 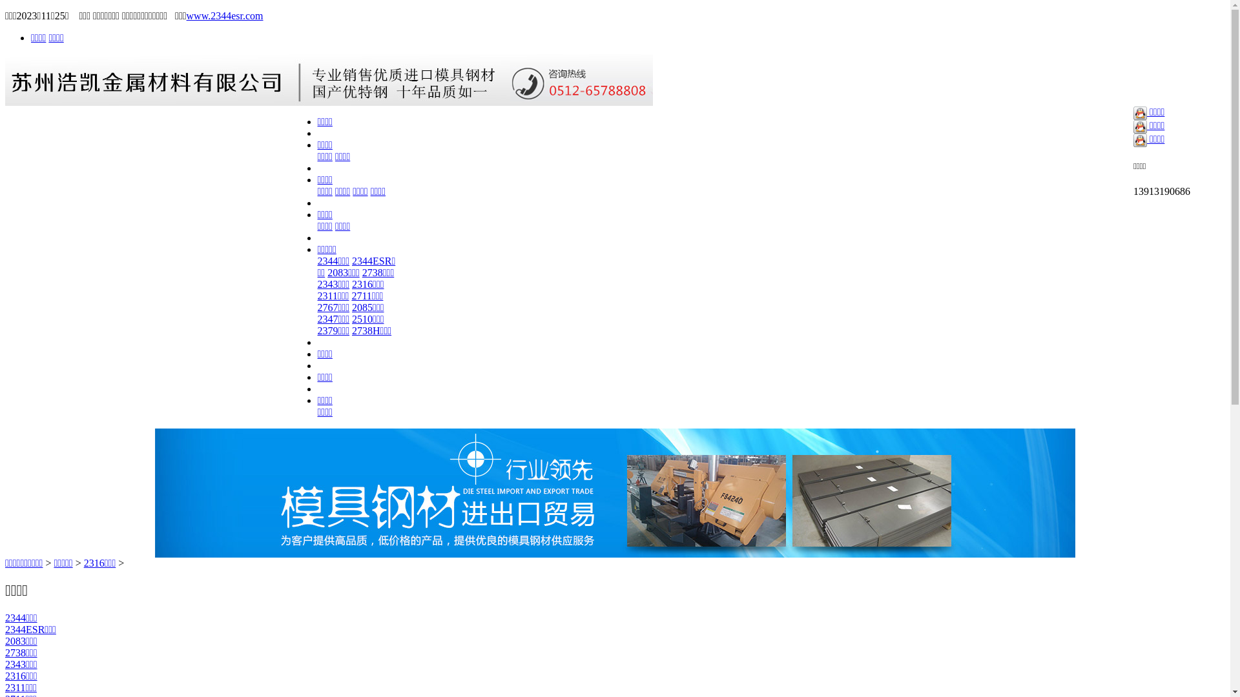 I want to click on 'www.2344esr.com', so click(x=225, y=15).